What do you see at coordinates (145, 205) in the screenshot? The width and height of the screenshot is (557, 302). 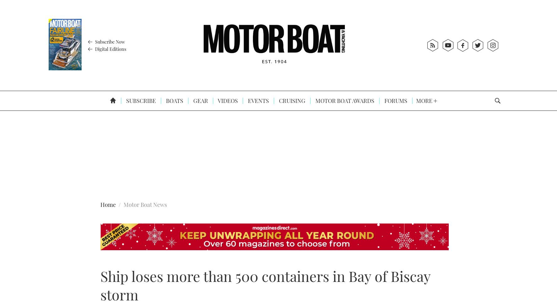 I see `'Motor Boat News'` at bounding box center [145, 205].